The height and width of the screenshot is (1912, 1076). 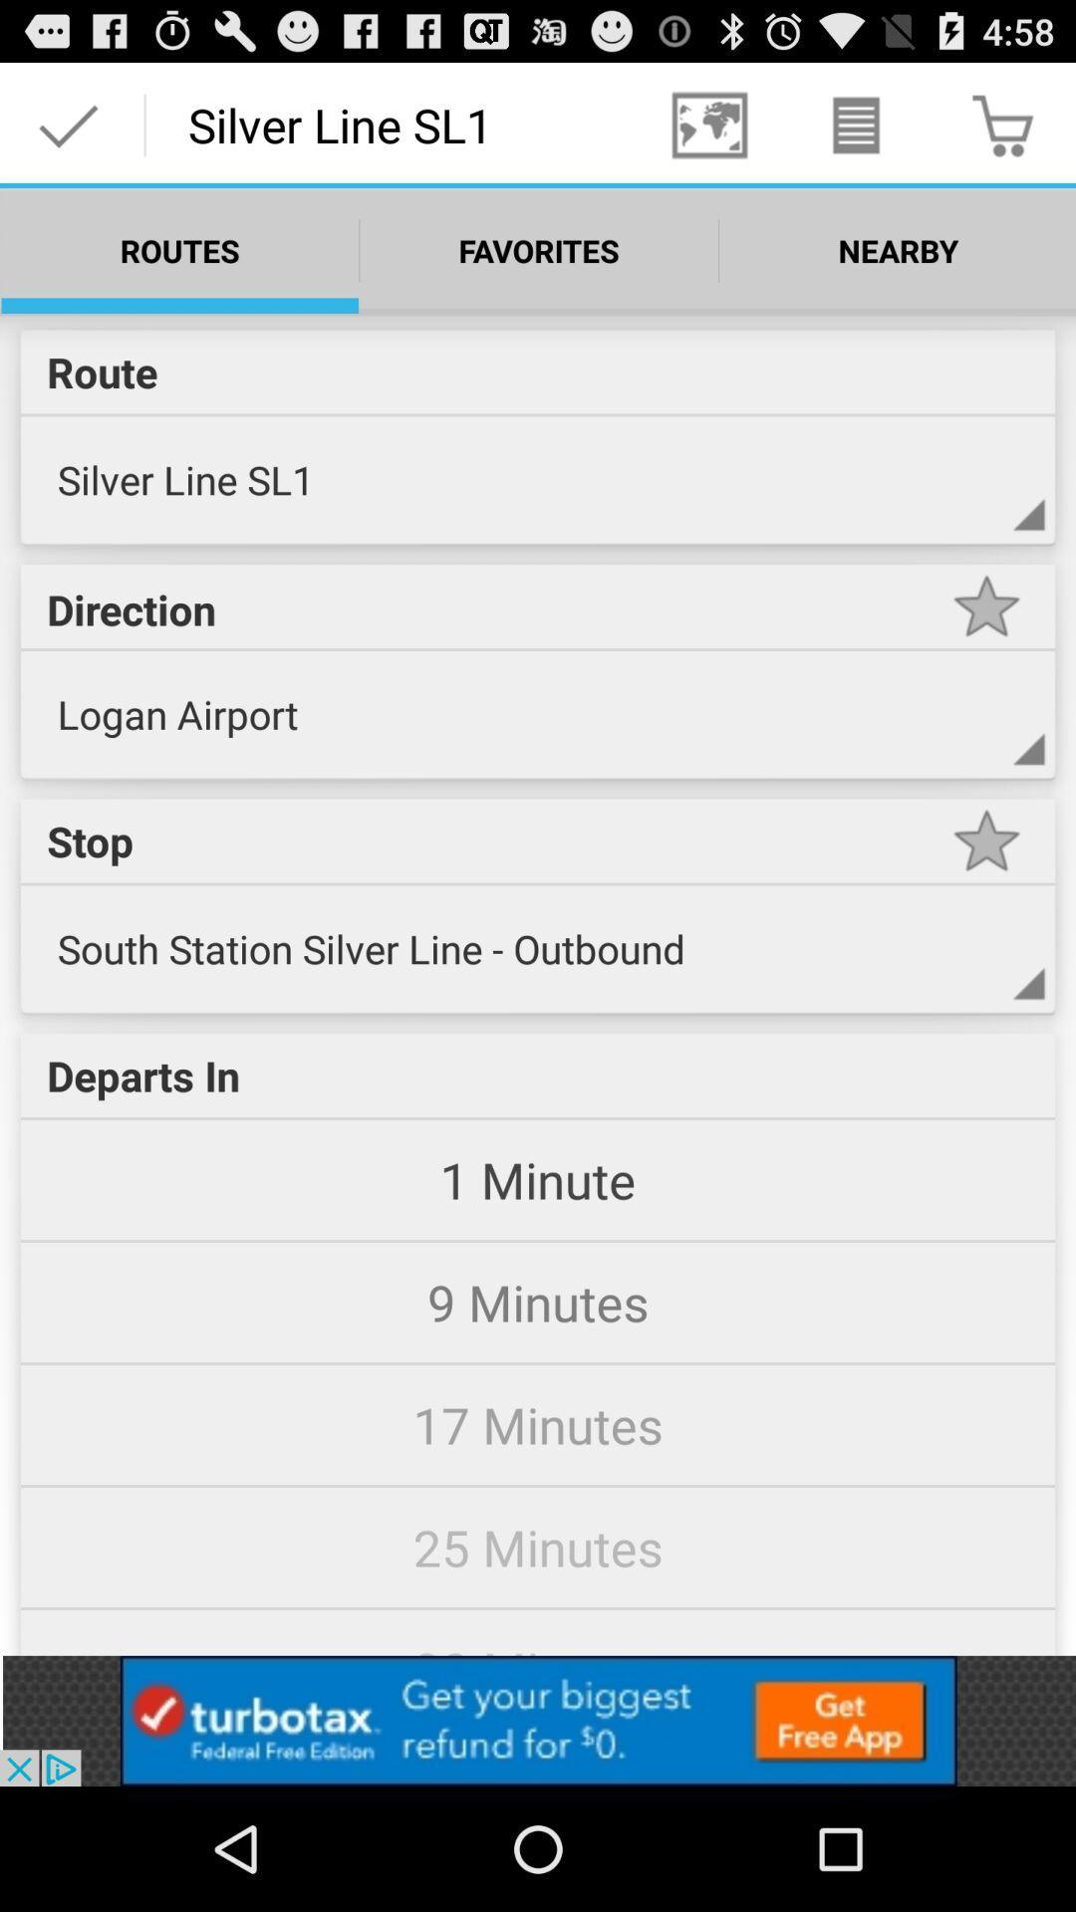 What do you see at coordinates (986, 742) in the screenshot?
I see `direction list` at bounding box center [986, 742].